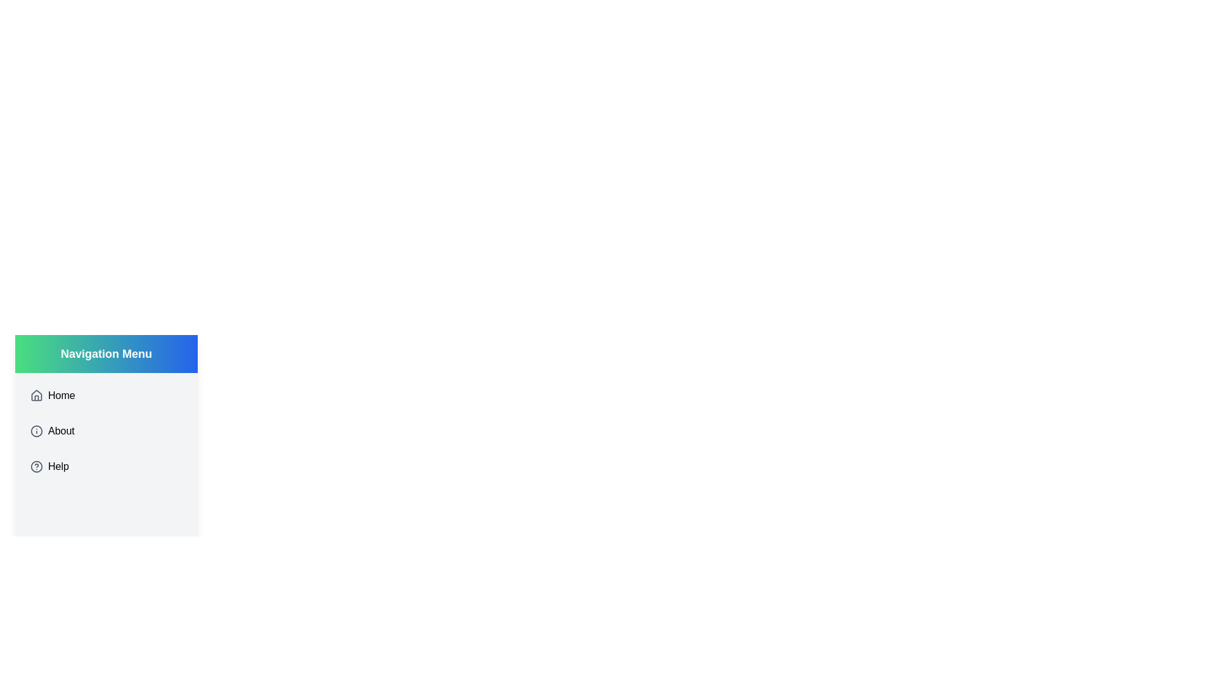 This screenshot has height=684, width=1217. What do you see at coordinates (106, 466) in the screenshot?
I see `the third item in the vertical navigation menu, which provides assistance or support when clicked` at bounding box center [106, 466].